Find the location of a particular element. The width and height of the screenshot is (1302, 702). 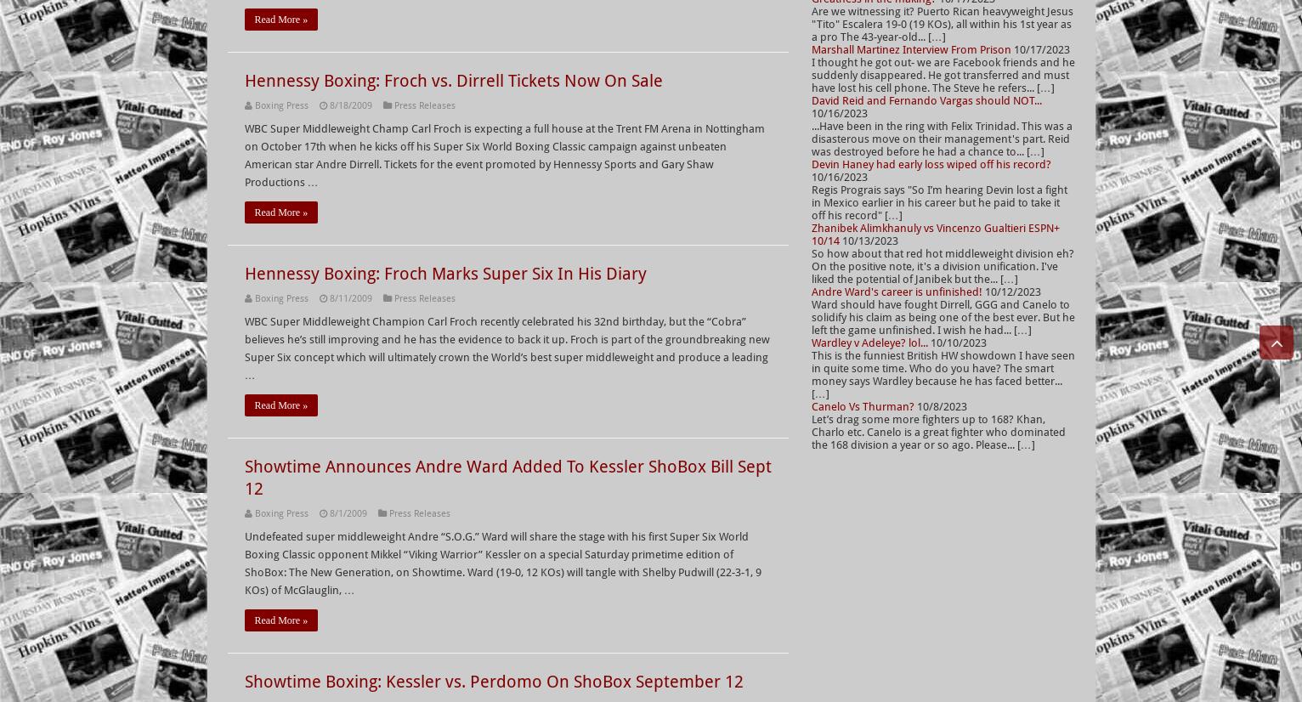

'10/8/2023' is located at coordinates (915, 406).